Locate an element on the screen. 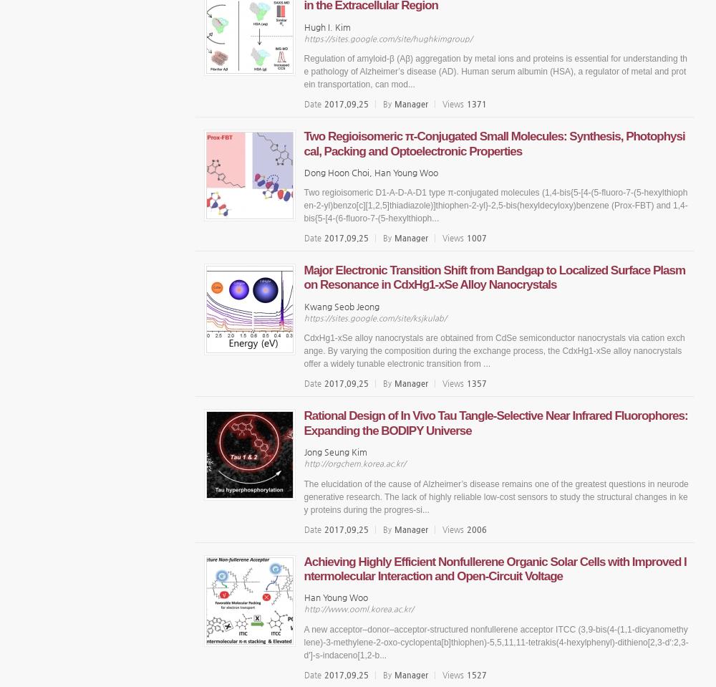  'Regulation of amyloid-β (Aβ) aggregation by metal ions and proteins is essential for understanding the pathology of Alzheimer’s disease (AD). Human serum albumin (HSA), a regulator of metal and protein transportation, can mod...' is located at coordinates (494, 72).